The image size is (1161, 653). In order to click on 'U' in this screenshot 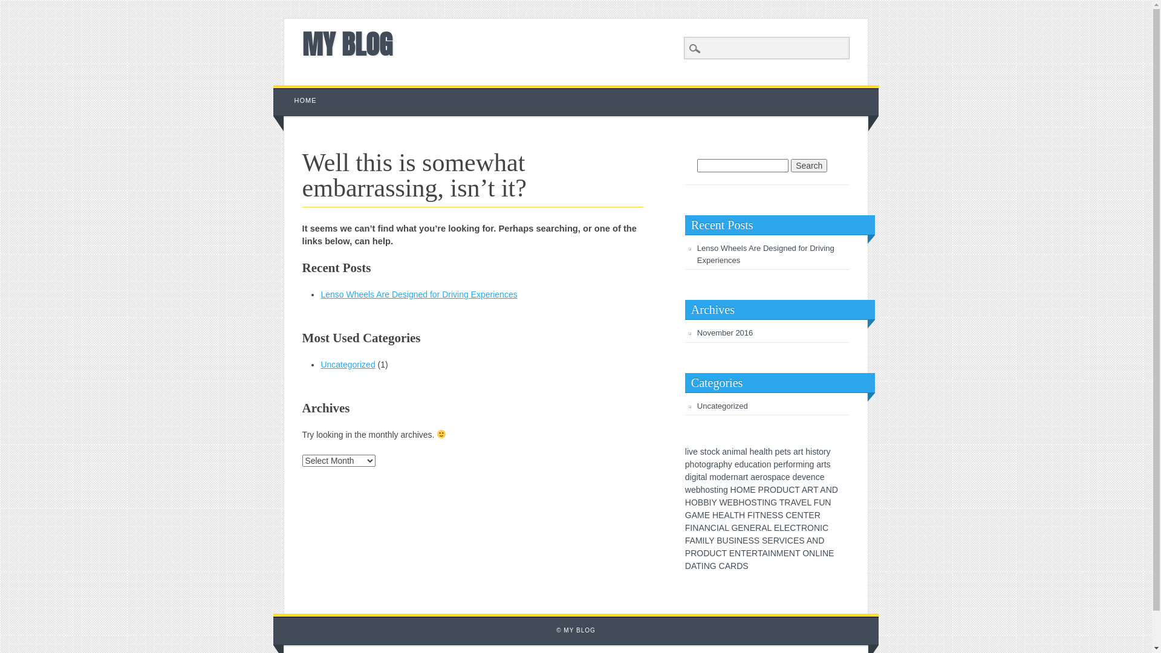, I will do `click(785, 490)`.